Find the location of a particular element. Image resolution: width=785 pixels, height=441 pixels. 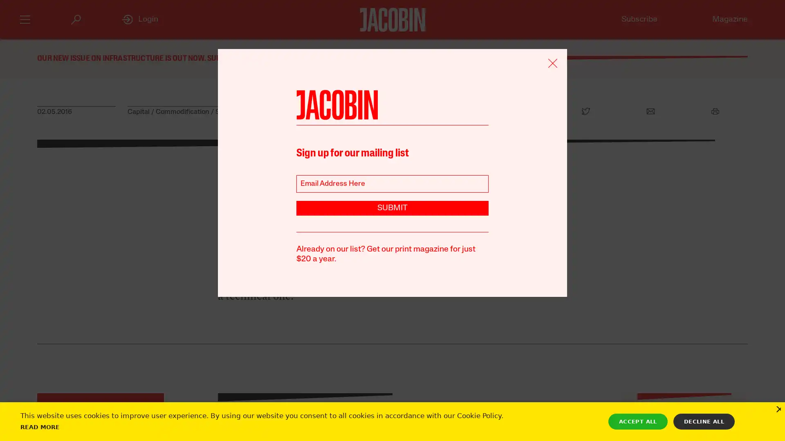

Facebook Icon is located at coordinates (520, 111).